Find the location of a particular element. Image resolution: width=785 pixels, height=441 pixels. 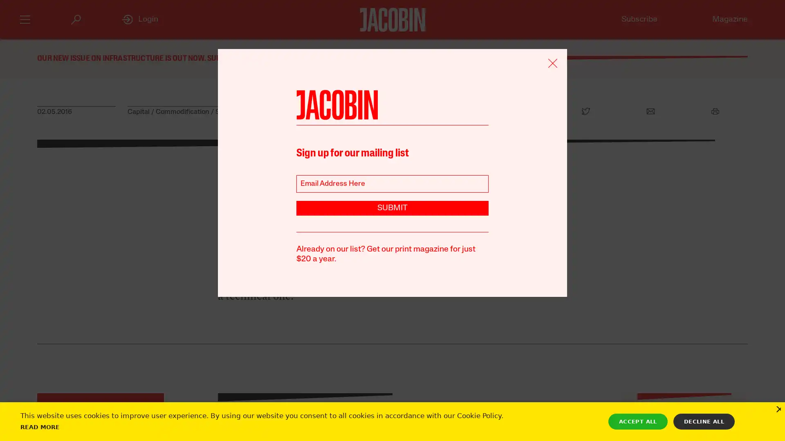

Facebook Icon is located at coordinates (520, 111).